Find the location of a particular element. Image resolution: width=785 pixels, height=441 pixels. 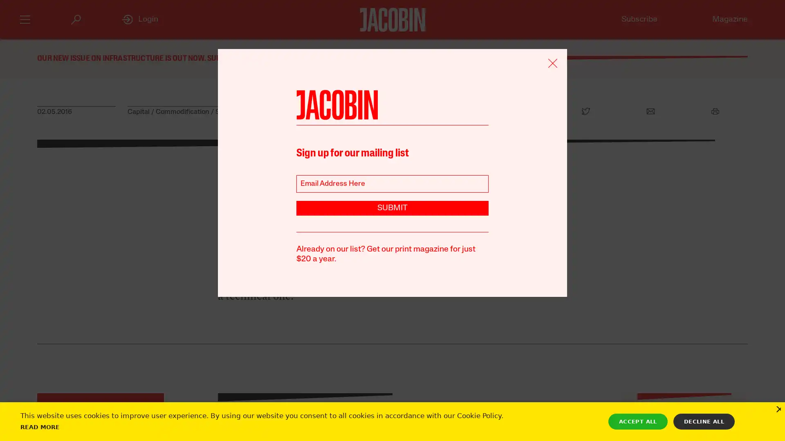

Facebook Icon is located at coordinates (520, 111).